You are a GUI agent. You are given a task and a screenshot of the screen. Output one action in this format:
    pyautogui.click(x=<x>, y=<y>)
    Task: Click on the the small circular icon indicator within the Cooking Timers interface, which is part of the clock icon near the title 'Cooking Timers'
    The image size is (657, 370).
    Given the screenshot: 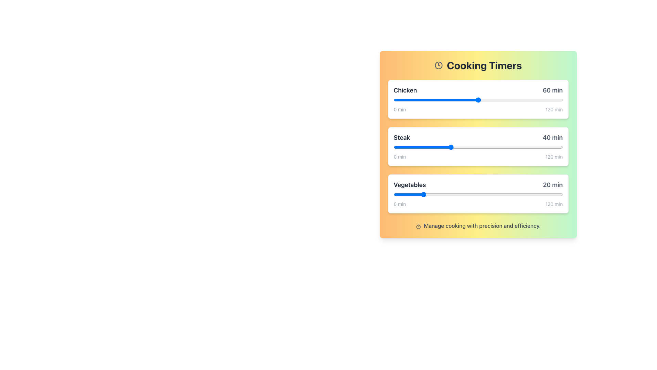 What is the action you would take?
    pyautogui.click(x=418, y=227)
    